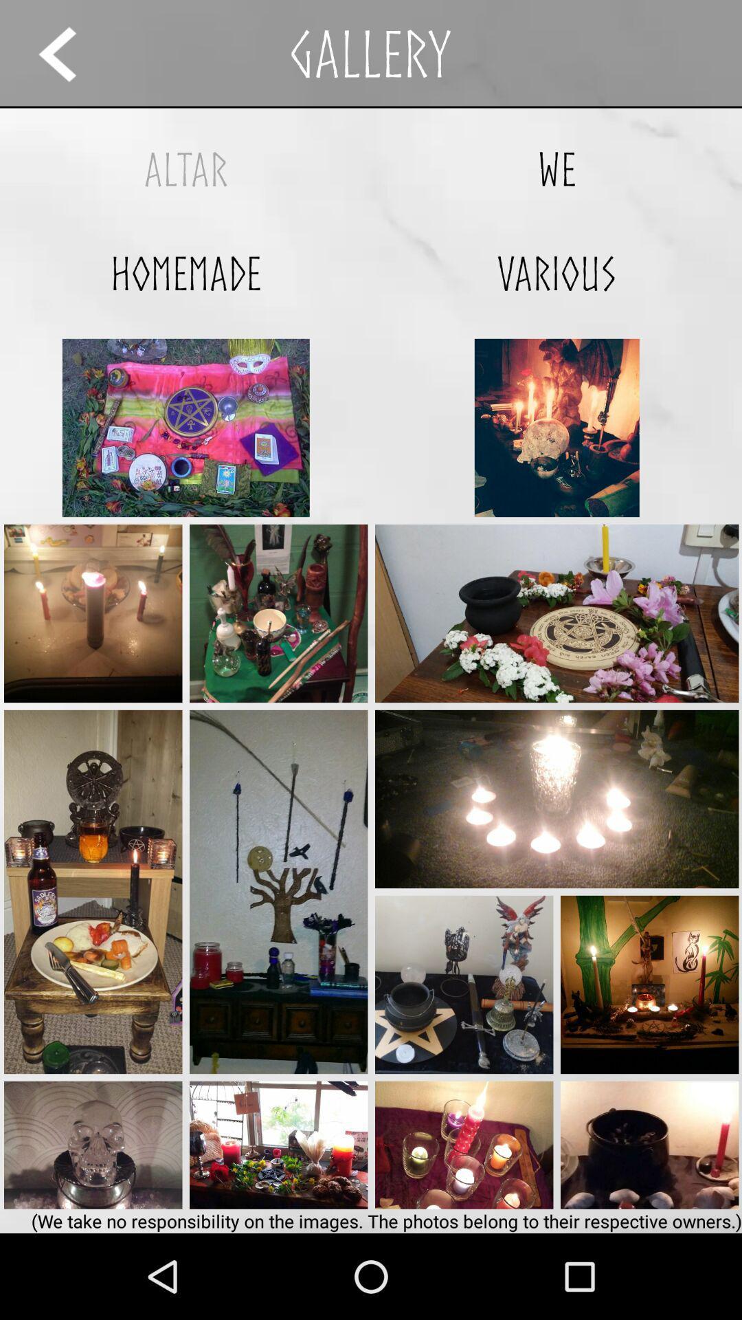 The width and height of the screenshot is (742, 1320). What do you see at coordinates (185, 168) in the screenshot?
I see `the app next to we icon` at bounding box center [185, 168].